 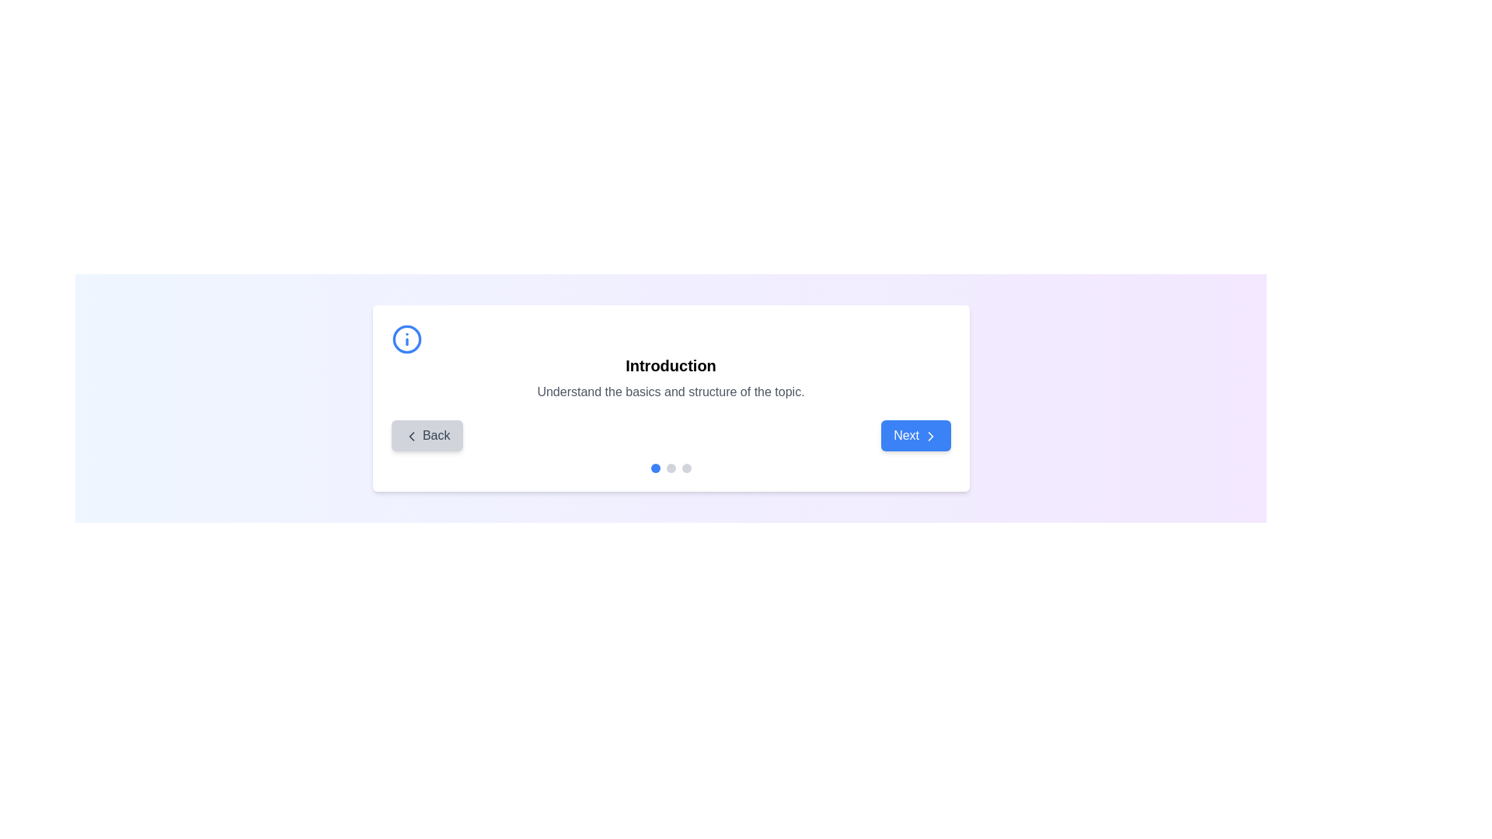 I want to click on the left-pointing arrow icon located within the 'Back' button at the bottom left corner of the card-style section, so click(x=411, y=436).